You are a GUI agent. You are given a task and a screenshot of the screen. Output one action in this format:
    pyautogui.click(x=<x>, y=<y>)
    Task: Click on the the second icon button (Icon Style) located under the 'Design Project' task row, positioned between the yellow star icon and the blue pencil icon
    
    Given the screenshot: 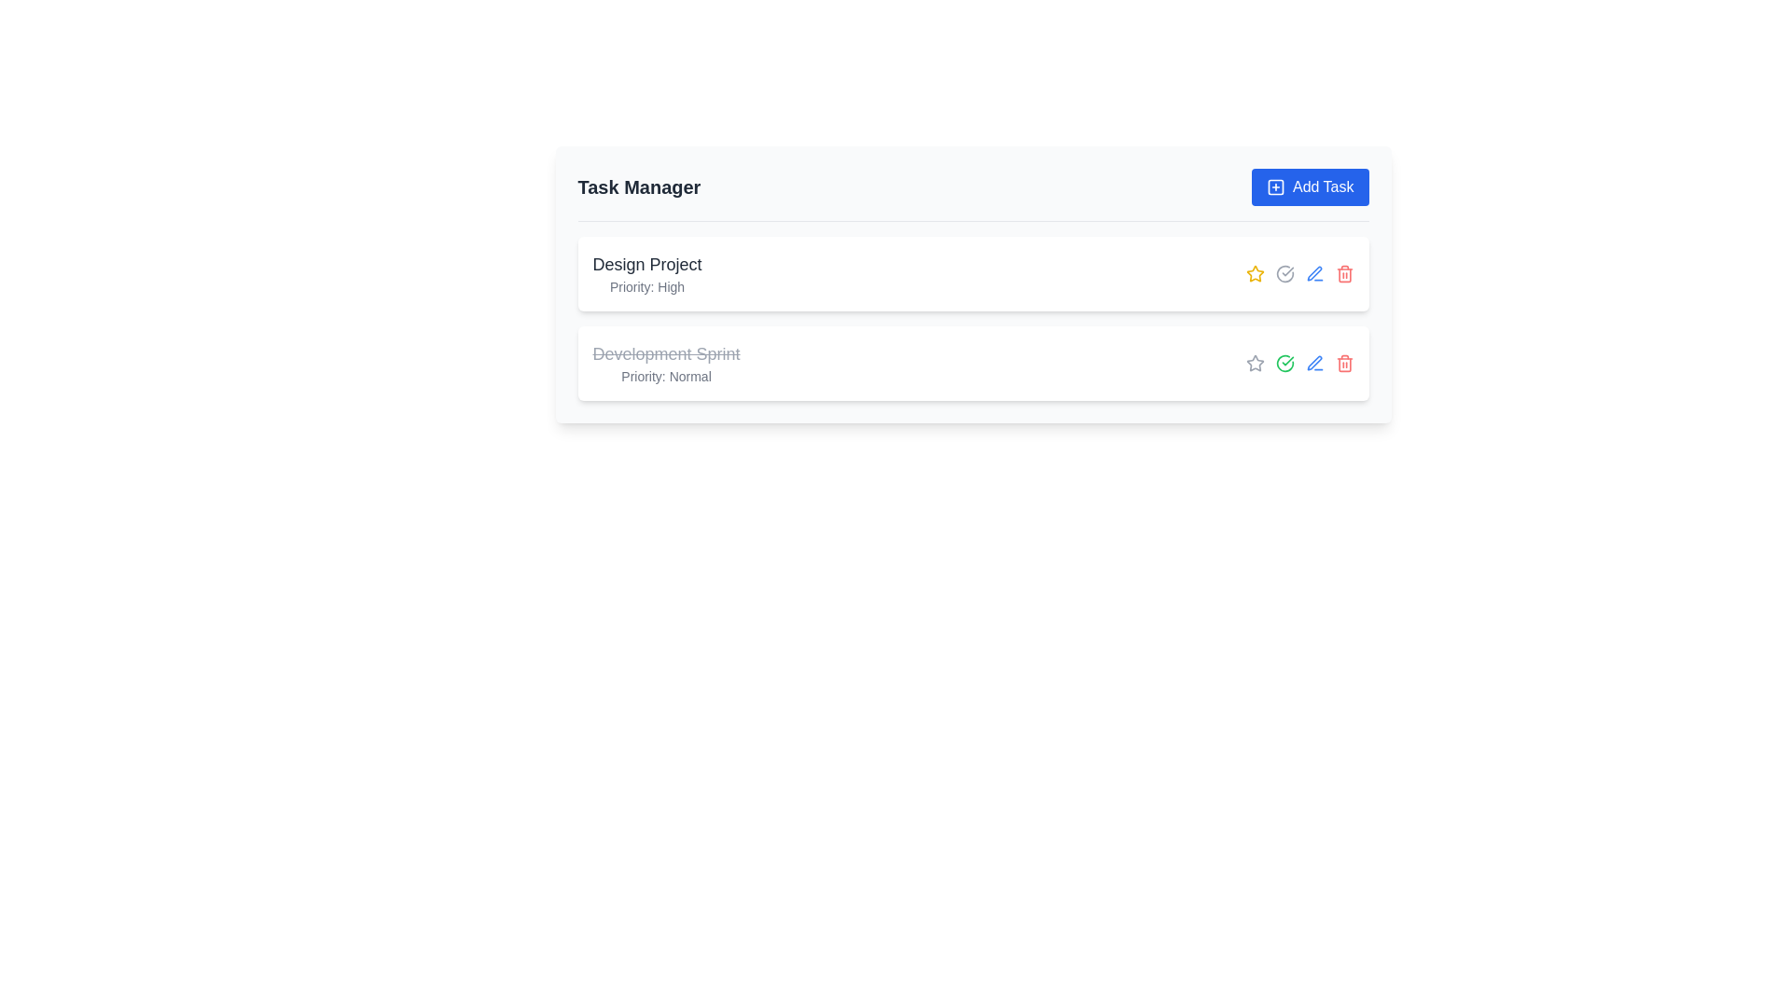 What is the action you would take?
    pyautogui.click(x=1284, y=273)
    